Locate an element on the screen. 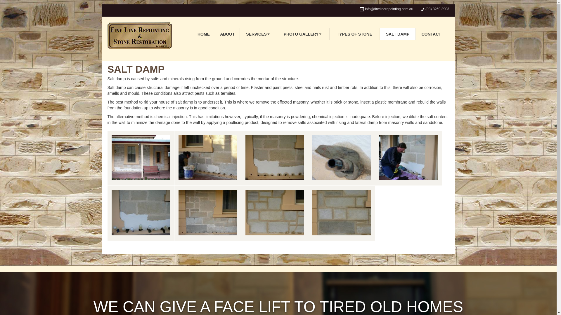 The width and height of the screenshot is (561, 315). 'Click to enlarge image 3.jpg' is located at coordinates (341, 158).